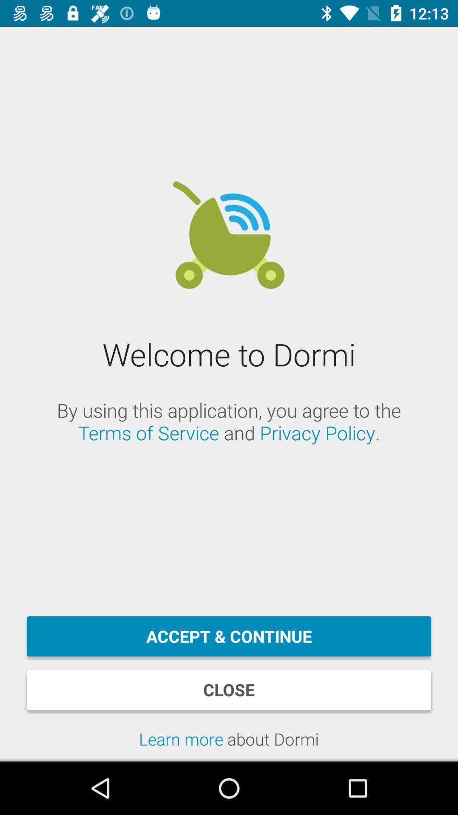 Image resolution: width=458 pixels, height=815 pixels. What do you see at coordinates (229, 422) in the screenshot?
I see `the by using this` at bounding box center [229, 422].